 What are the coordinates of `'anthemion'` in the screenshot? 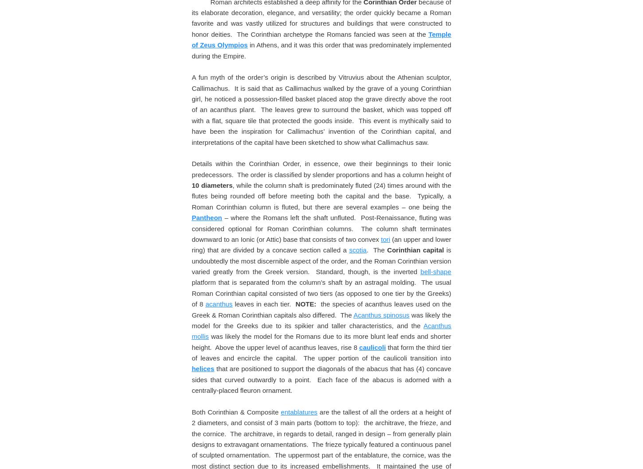 It's located at (426, 17).